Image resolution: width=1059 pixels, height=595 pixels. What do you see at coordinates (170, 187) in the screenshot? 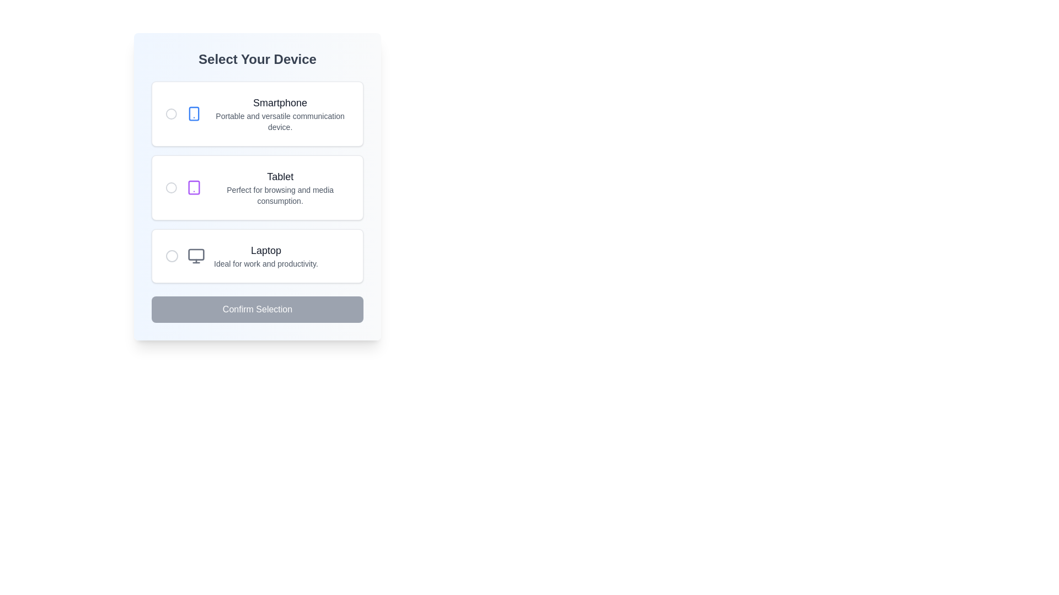
I see `the center of the radio button selection circle for the 'Tablet' option` at bounding box center [170, 187].